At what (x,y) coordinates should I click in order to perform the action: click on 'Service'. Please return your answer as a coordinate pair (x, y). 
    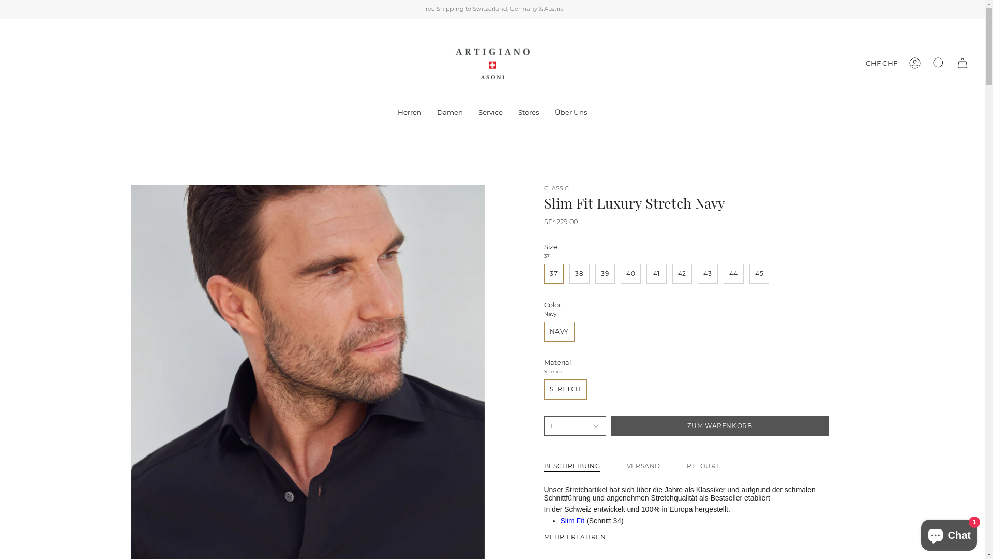
    Looking at the image, I should click on (490, 113).